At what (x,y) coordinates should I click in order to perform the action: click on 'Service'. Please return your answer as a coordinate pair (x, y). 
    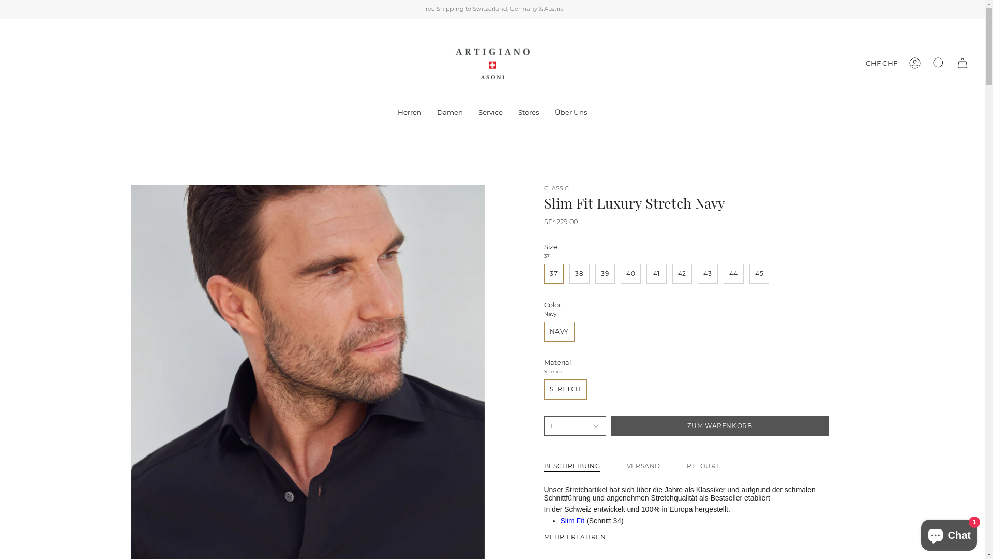
    Looking at the image, I should click on (490, 113).